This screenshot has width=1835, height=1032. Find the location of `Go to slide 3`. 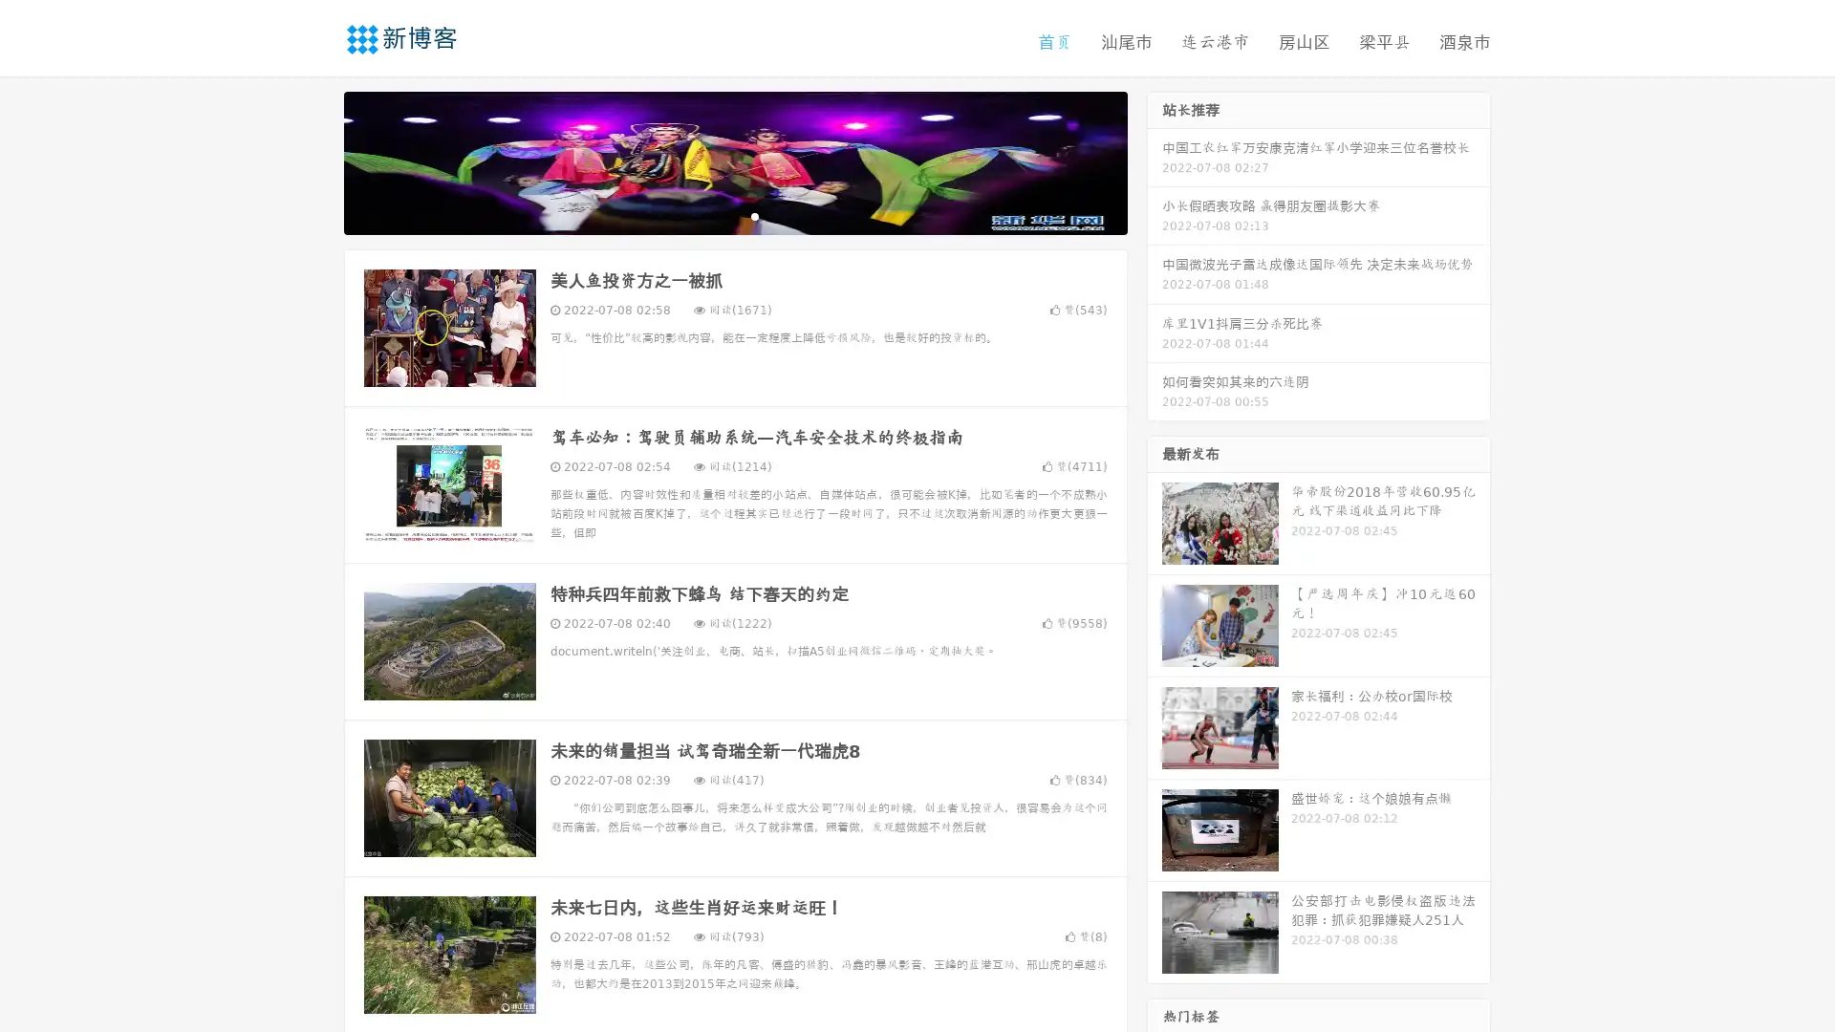

Go to slide 3 is located at coordinates (754, 215).